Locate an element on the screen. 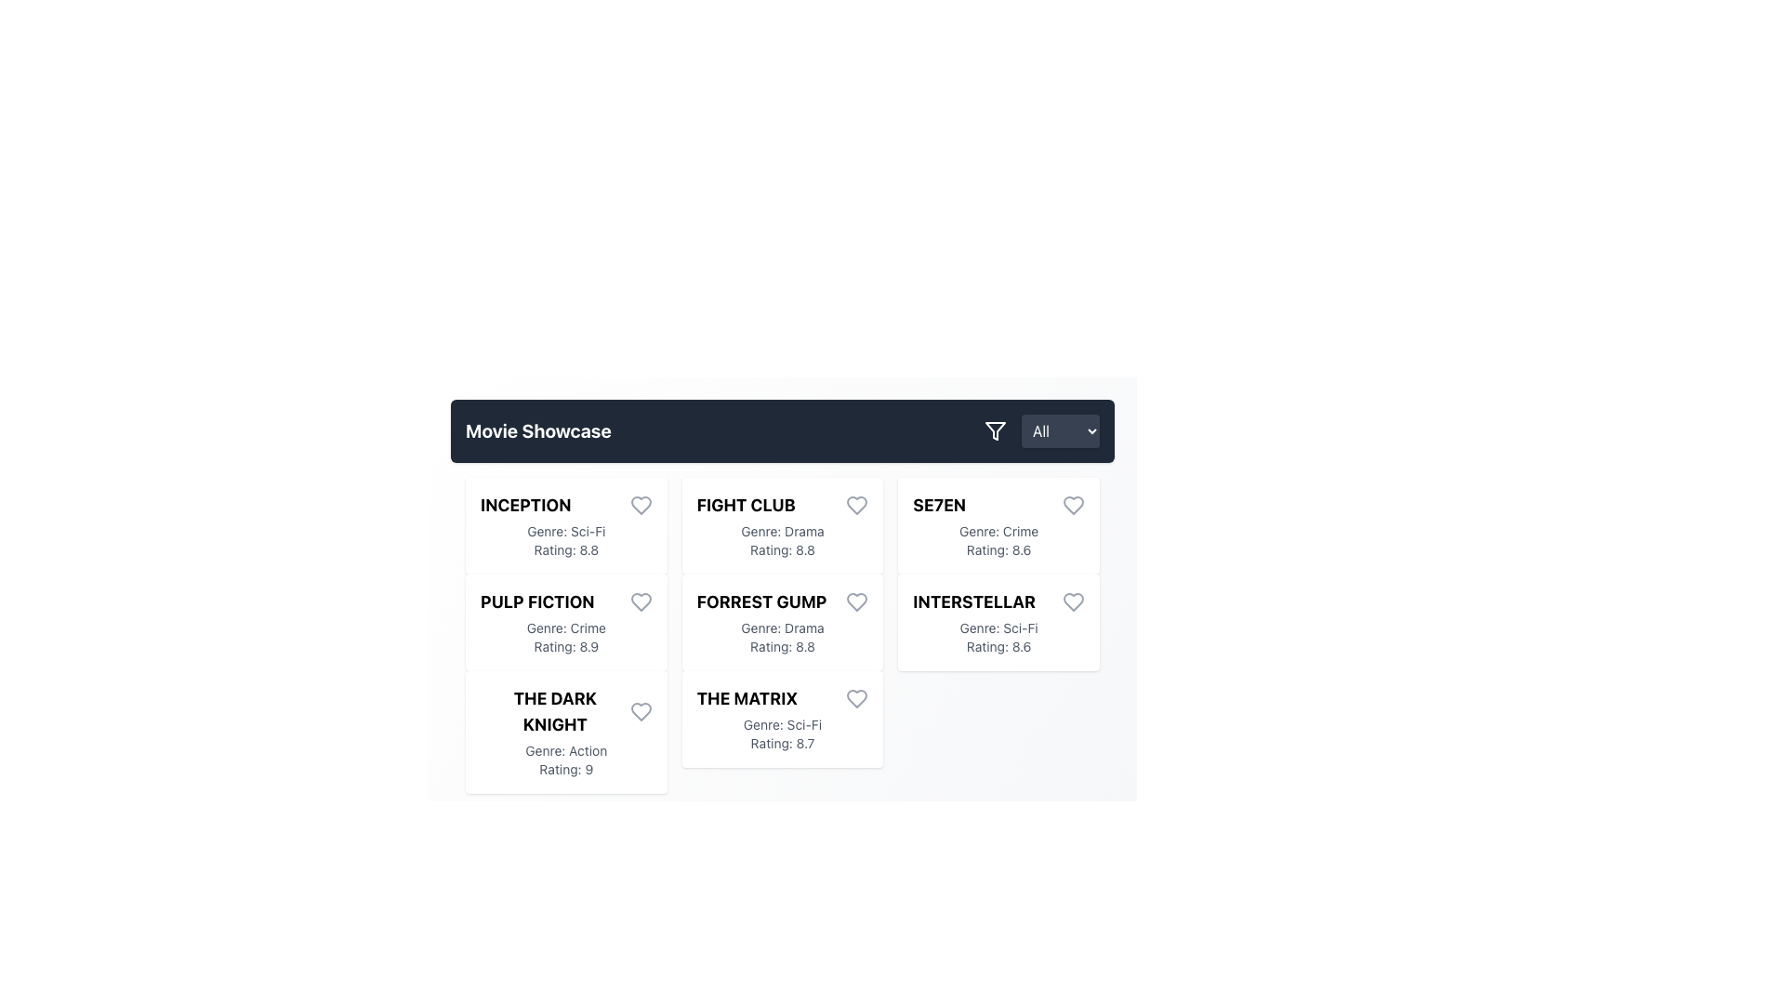 Image resolution: width=1785 pixels, height=1004 pixels. genre text labeled 'Action' located below the header 'THE DARK KNIGHT' in the bottom-left card of the grid layout is located at coordinates (587, 749).